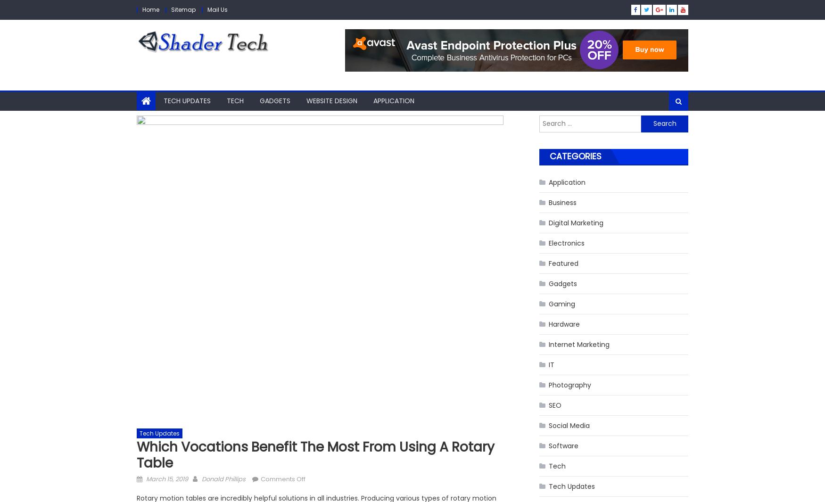 The image size is (825, 502). Describe the element at coordinates (575, 155) in the screenshot. I see `'Categories'` at that location.